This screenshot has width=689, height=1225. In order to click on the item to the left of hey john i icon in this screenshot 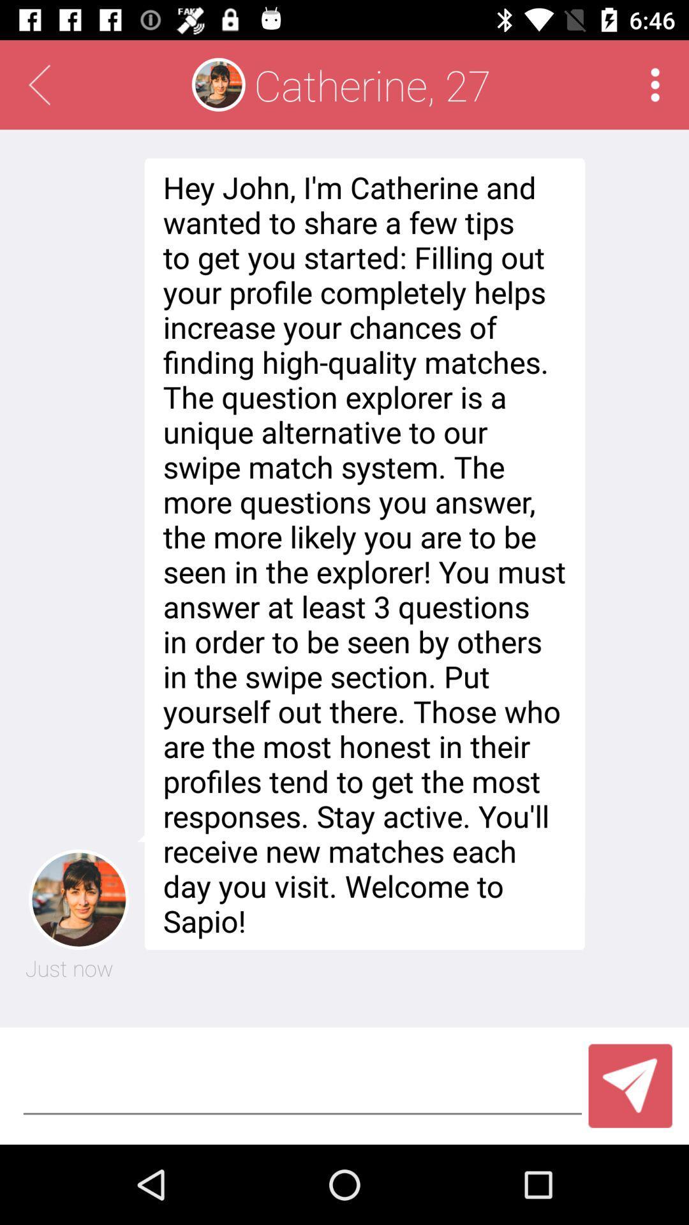, I will do `click(69, 968)`.